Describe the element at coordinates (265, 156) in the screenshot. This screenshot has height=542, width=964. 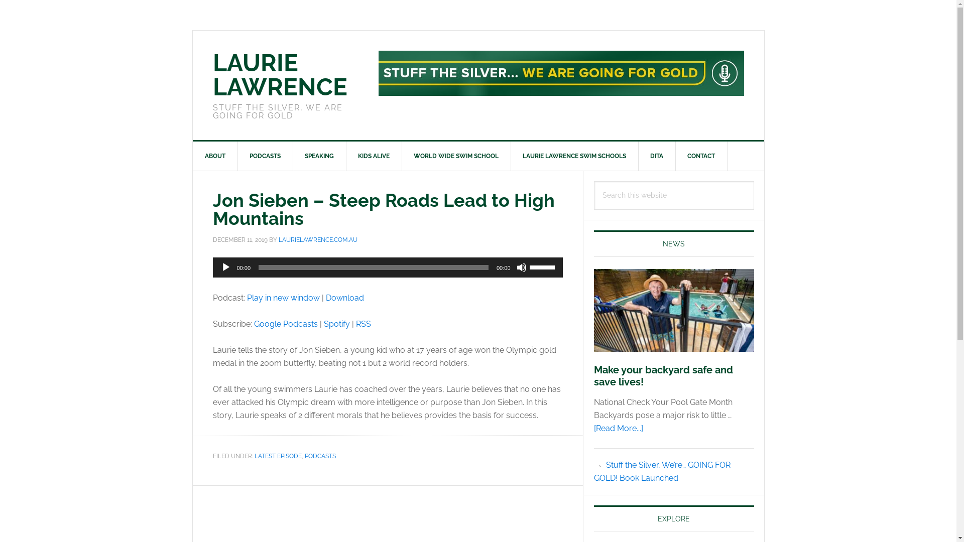
I see `'PODCASTS'` at that location.